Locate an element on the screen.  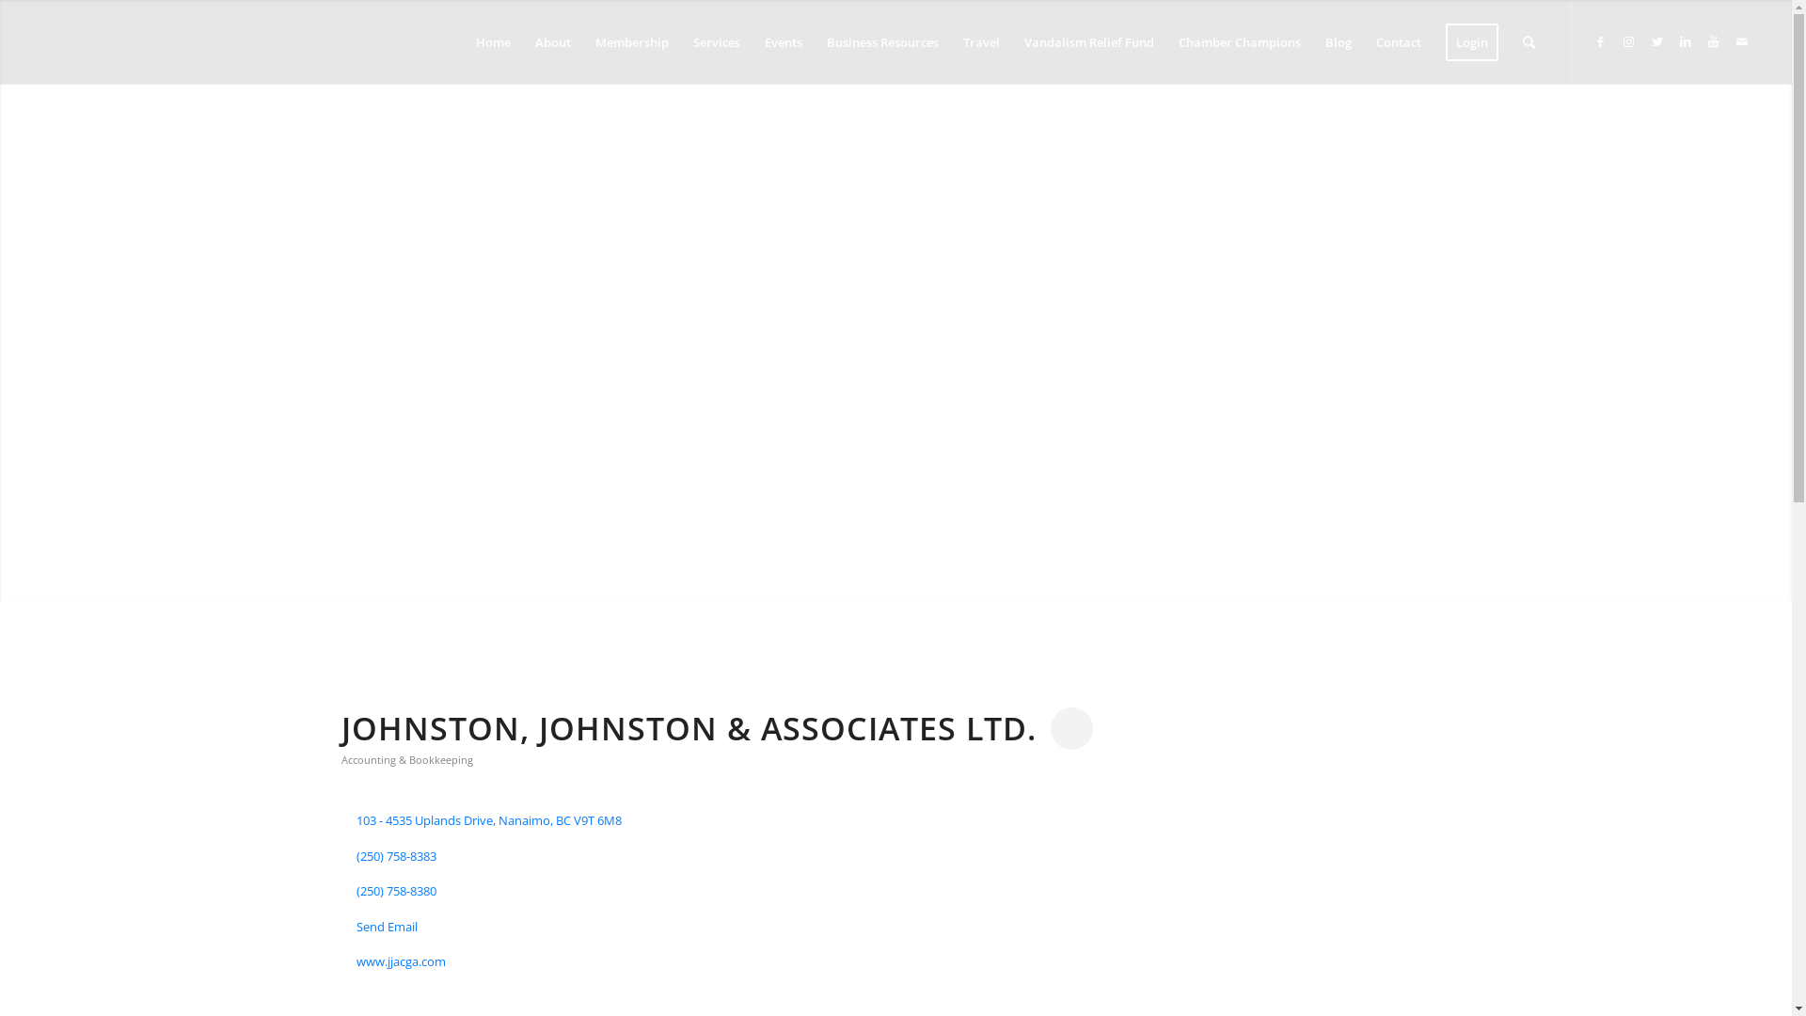
'Facebook' is located at coordinates (1600, 40).